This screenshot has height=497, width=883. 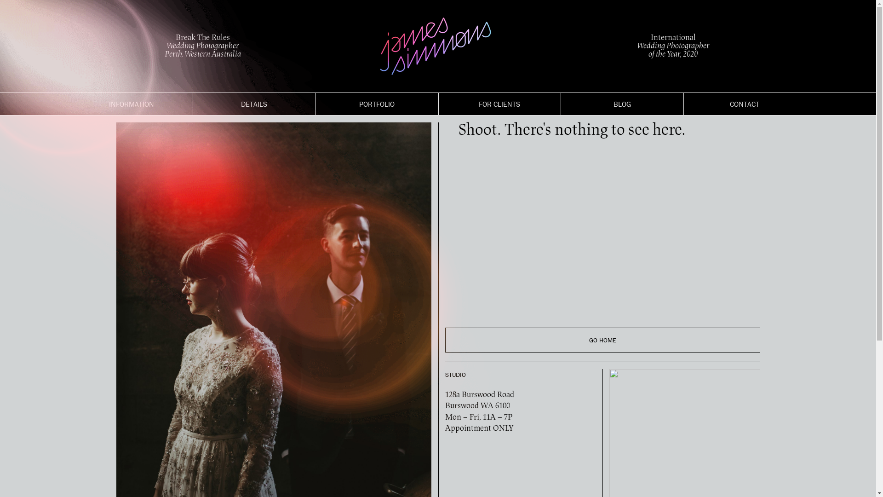 What do you see at coordinates (254, 104) in the screenshot?
I see `'DETAILS'` at bounding box center [254, 104].